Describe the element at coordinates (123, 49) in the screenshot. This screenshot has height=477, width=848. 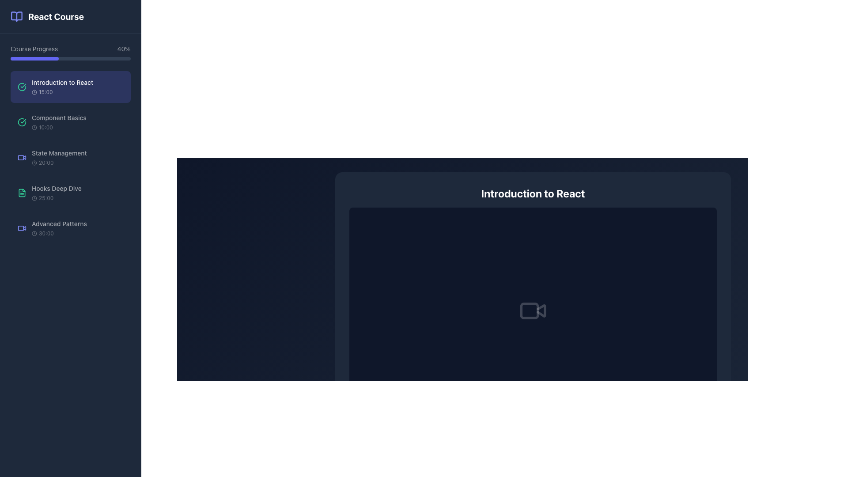
I see `text label displaying '40%' which indicates course progress percentage, located to the right of the 'Course Progress' label in the upper section of the interface` at that location.